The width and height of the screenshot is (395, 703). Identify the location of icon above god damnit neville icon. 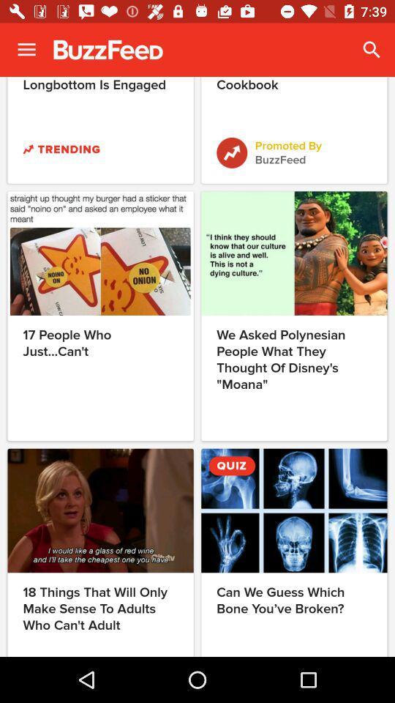
(26, 50).